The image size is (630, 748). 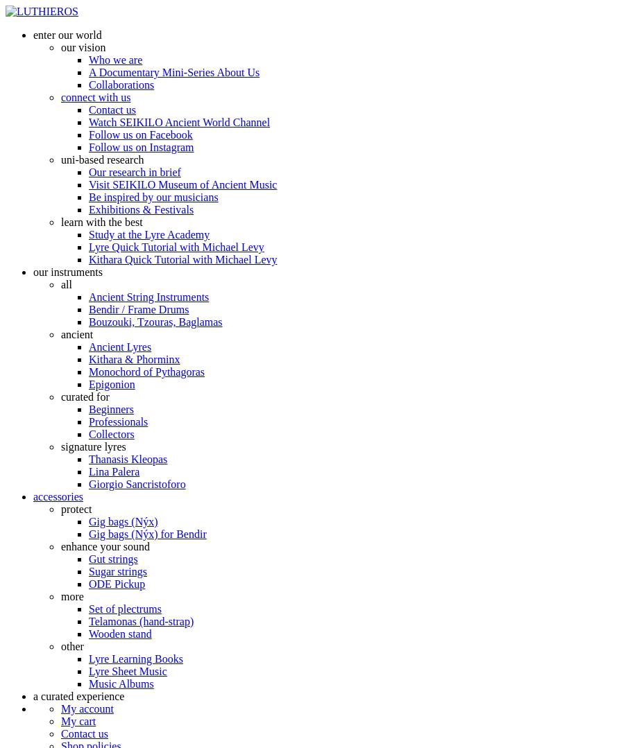 What do you see at coordinates (85, 396) in the screenshot?
I see `'curated for'` at bounding box center [85, 396].